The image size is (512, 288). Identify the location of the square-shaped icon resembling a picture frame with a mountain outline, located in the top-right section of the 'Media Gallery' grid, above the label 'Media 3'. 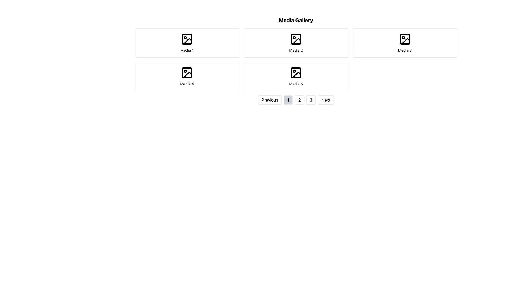
(405, 39).